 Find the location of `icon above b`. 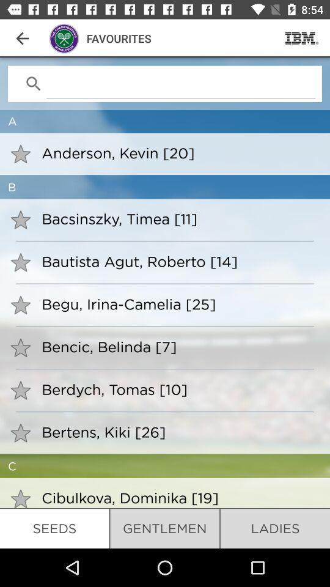

icon above b is located at coordinates (177, 152).